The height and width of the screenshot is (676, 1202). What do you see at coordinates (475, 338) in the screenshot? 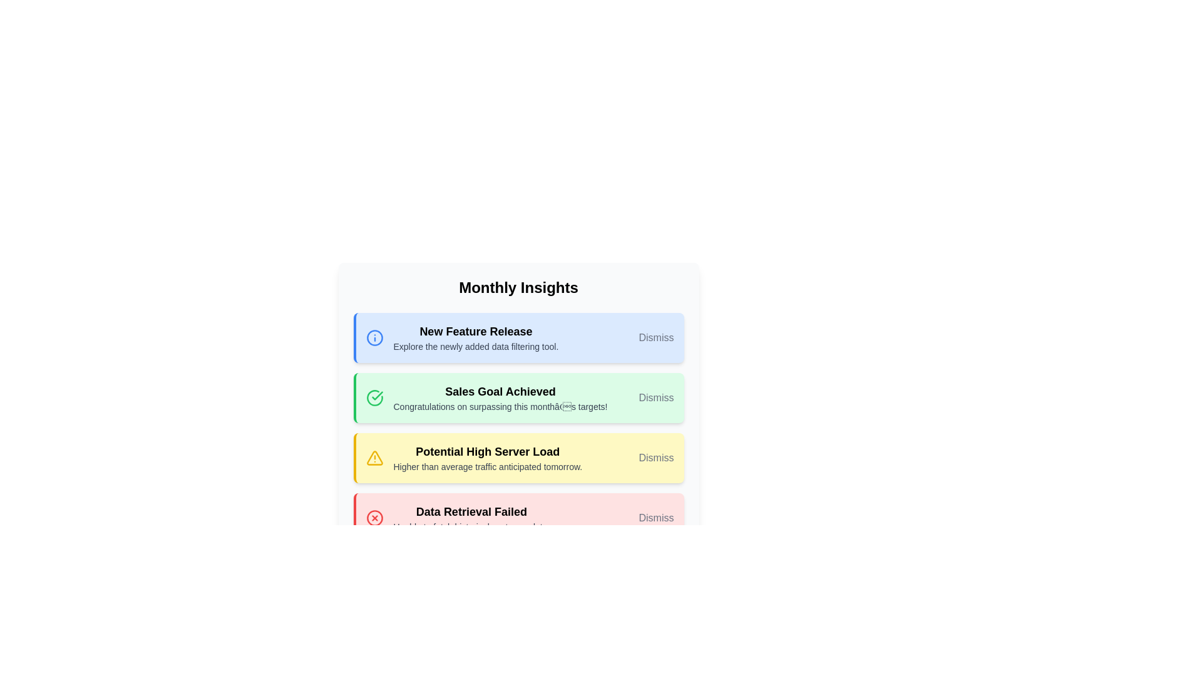
I see `the text block stating 'New Feature Release' to access surrounding elements for further actions` at bounding box center [475, 338].